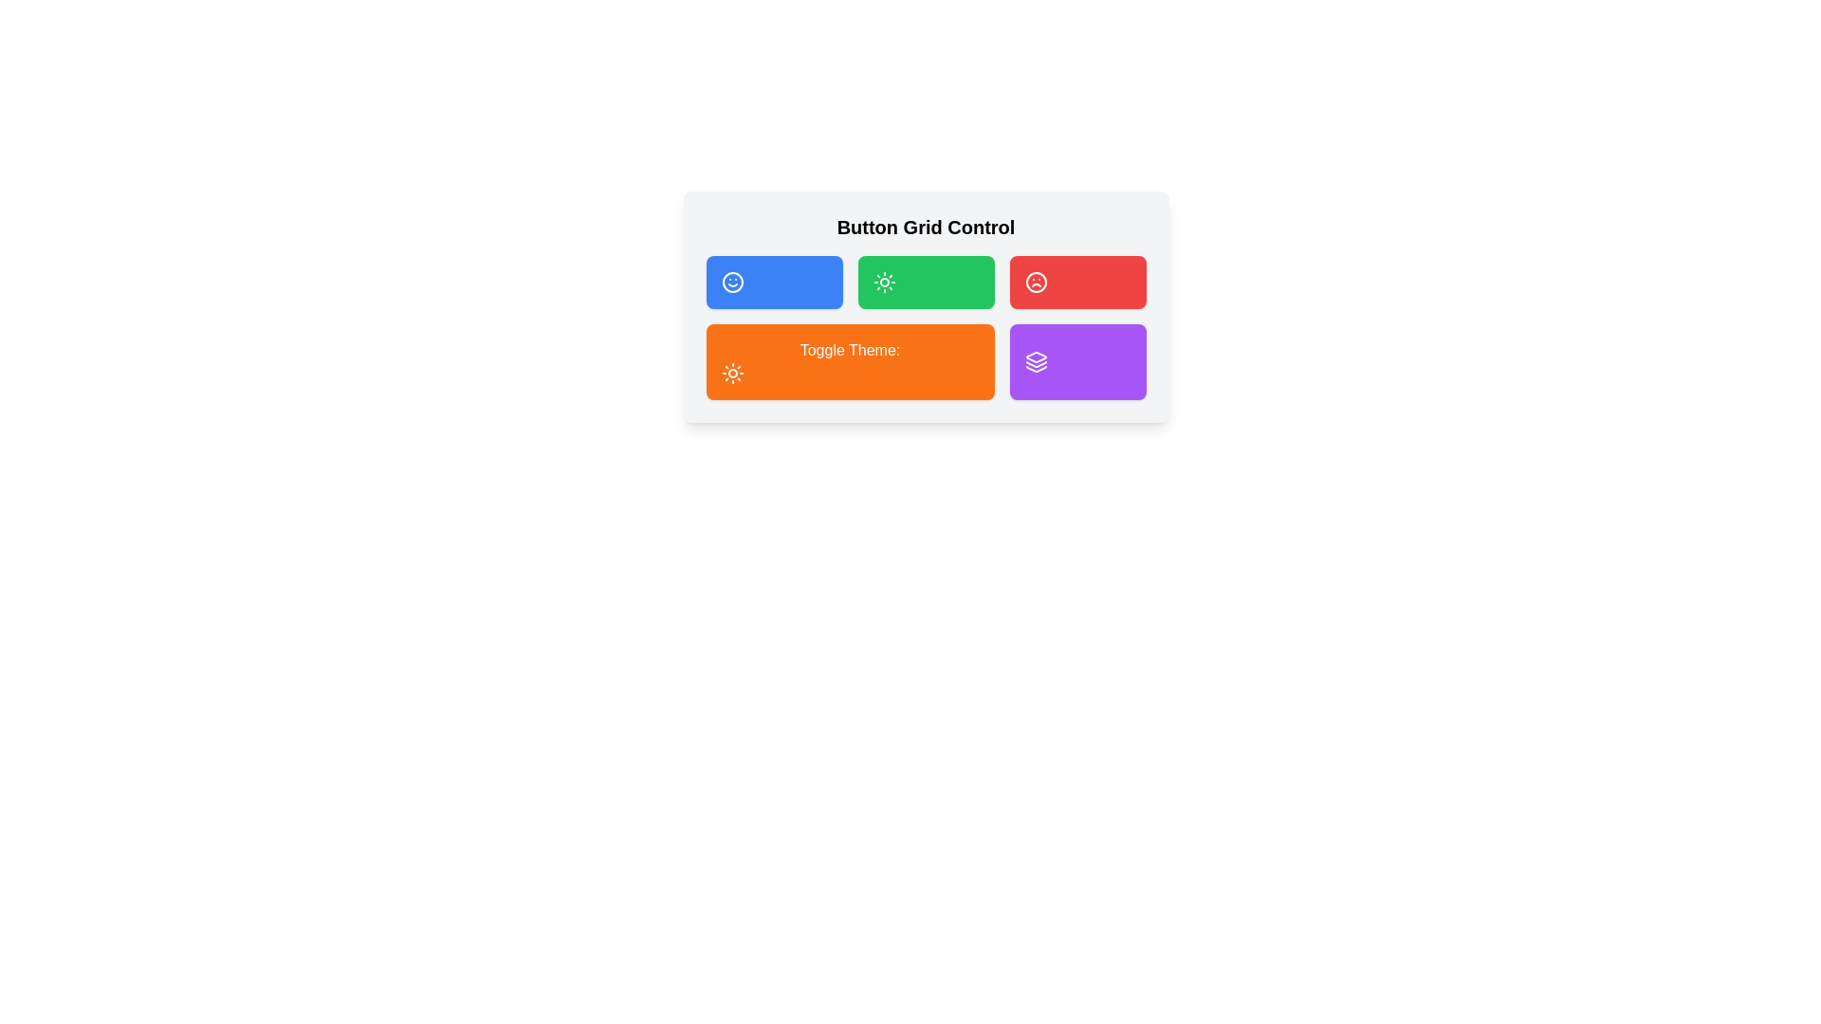 Image resolution: width=1821 pixels, height=1024 pixels. What do you see at coordinates (1077, 282) in the screenshot?
I see `the sad face button located in the top-right corner of the grid layout` at bounding box center [1077, 282].